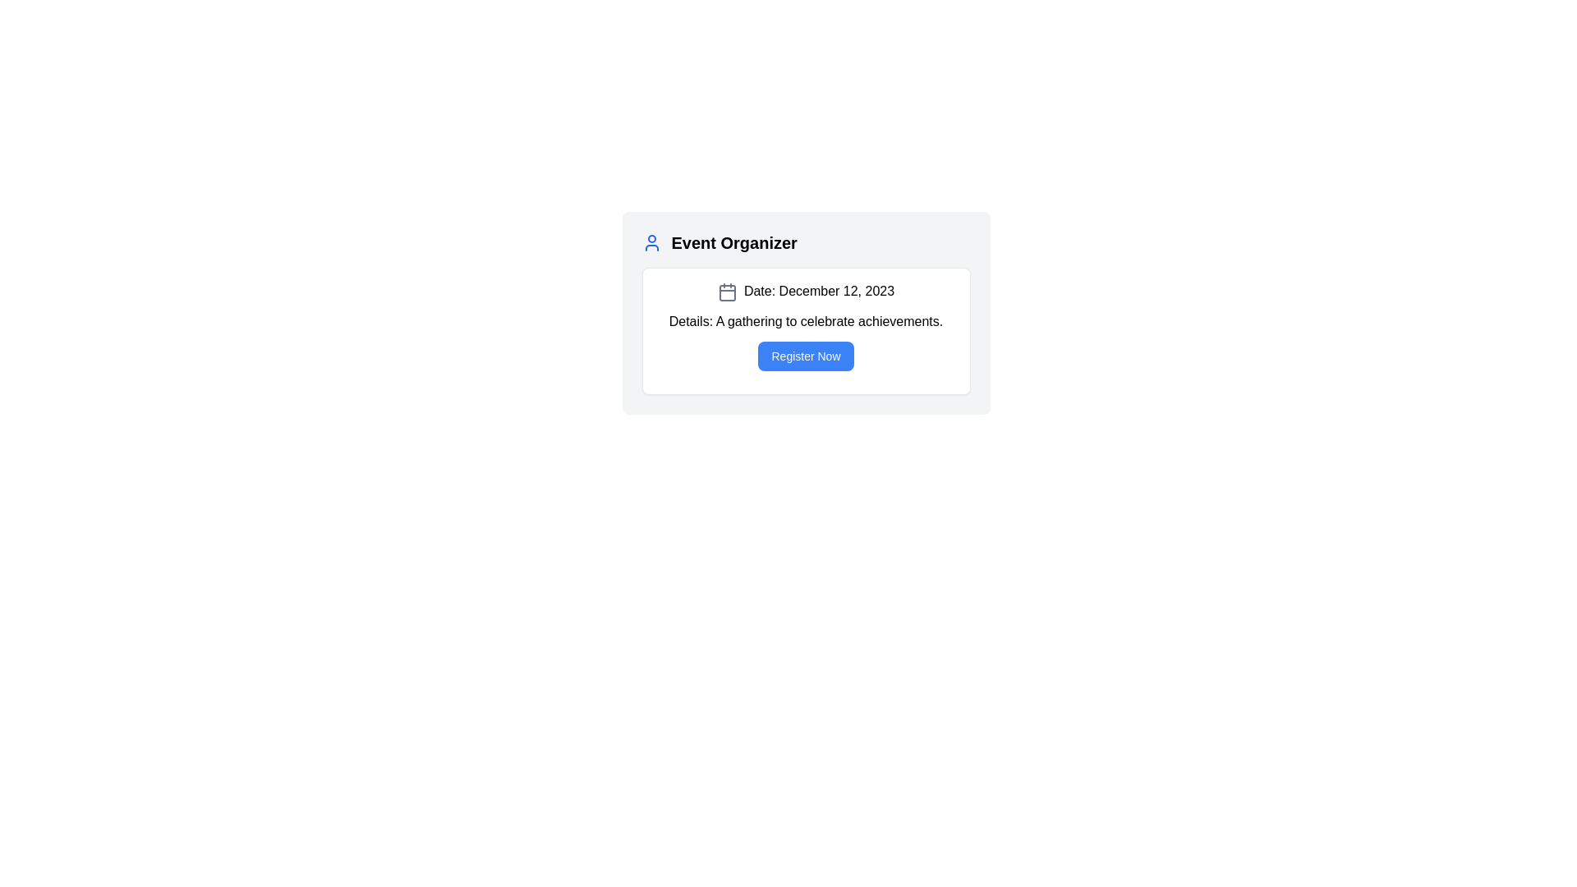 This screenshot has width=1577, height=887. Describe the element at coordinates (651, 243) in the screenshot. I see `the small blue user icon located on the leftmost side of the 'Event Organizer' header` at that location.